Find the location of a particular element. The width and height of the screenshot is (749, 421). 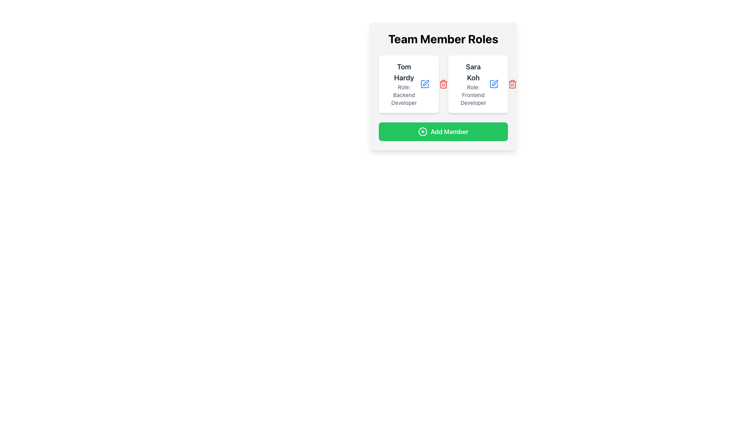

the circular icon within the green 'Add Member' button located at the footer of the card displaying team member roles is located at coordinates (422, 131).